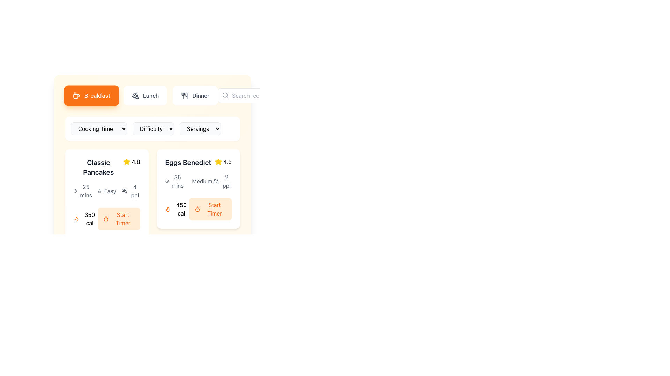  What do you see at coordinates (198, 181) in the screenshot?
I see `the text label displaying 'Medium' which has a gray typeface and is accompanied by a chef hat icon` at bounding box center [198, 181].